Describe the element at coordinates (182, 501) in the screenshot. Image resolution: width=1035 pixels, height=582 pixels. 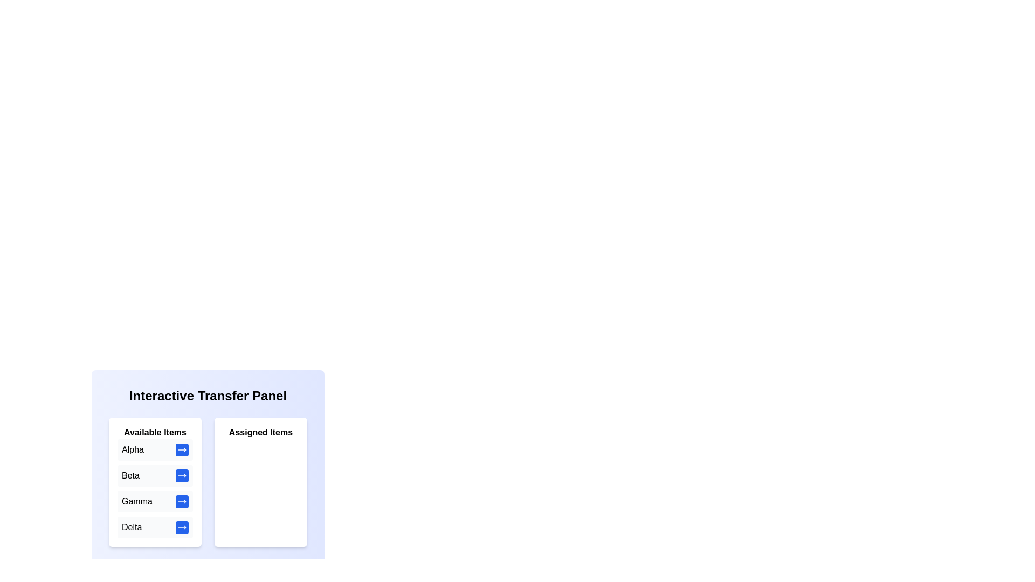
I see `the transfer button next to the item Gamma in the 'Available Items' list to move it to the 'Assigned Items' list` at that location.